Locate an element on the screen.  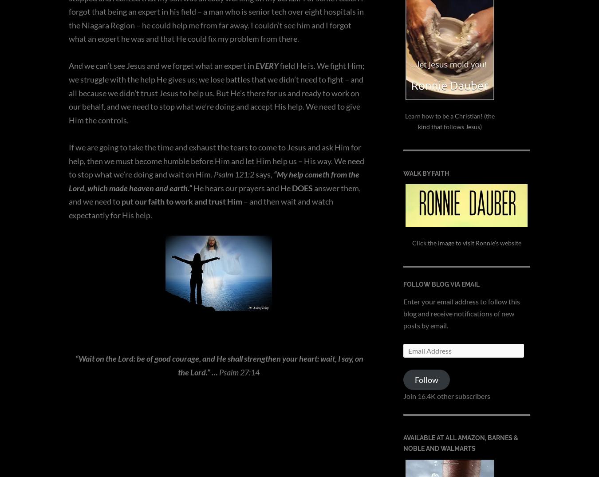
'DOES' is located at coordinates (302, 187).